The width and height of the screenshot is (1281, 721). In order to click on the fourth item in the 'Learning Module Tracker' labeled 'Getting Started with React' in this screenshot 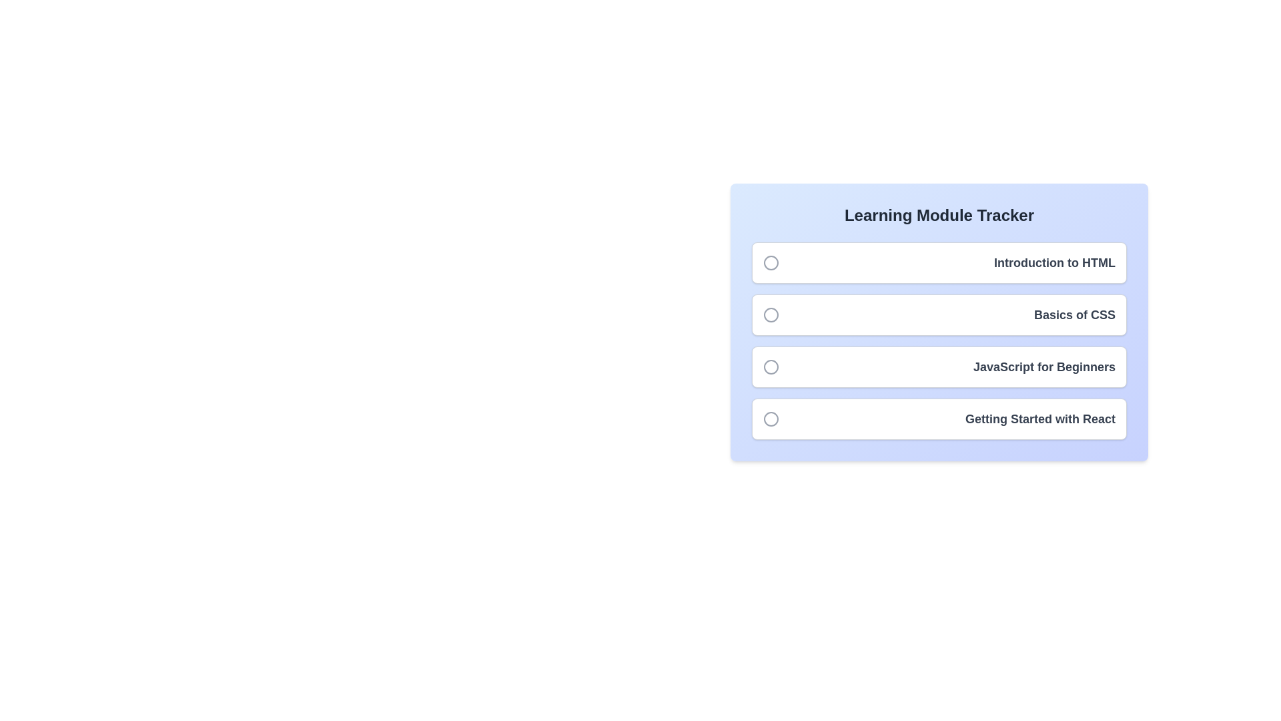, I will do `click(938, 419)`.